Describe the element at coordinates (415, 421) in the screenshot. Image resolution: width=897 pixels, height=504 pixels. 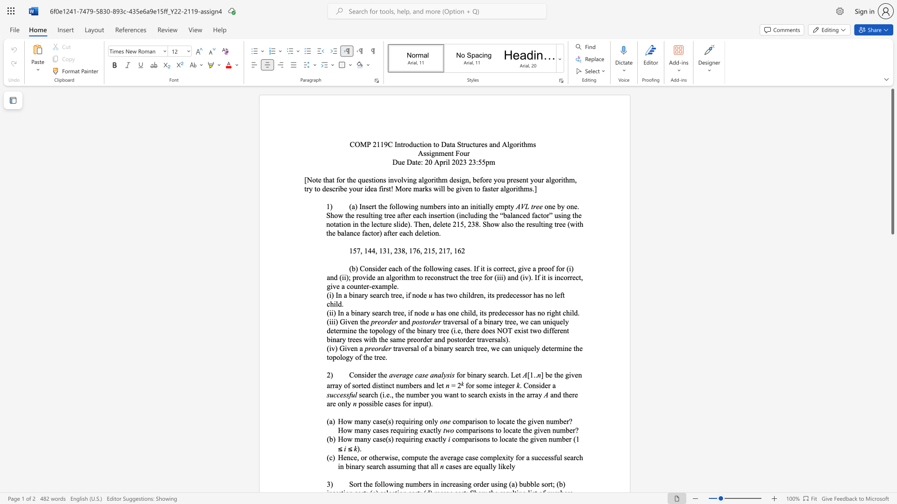
I see `the subset text "ng on" within the text "How many case(s) requiring only"` at that location.